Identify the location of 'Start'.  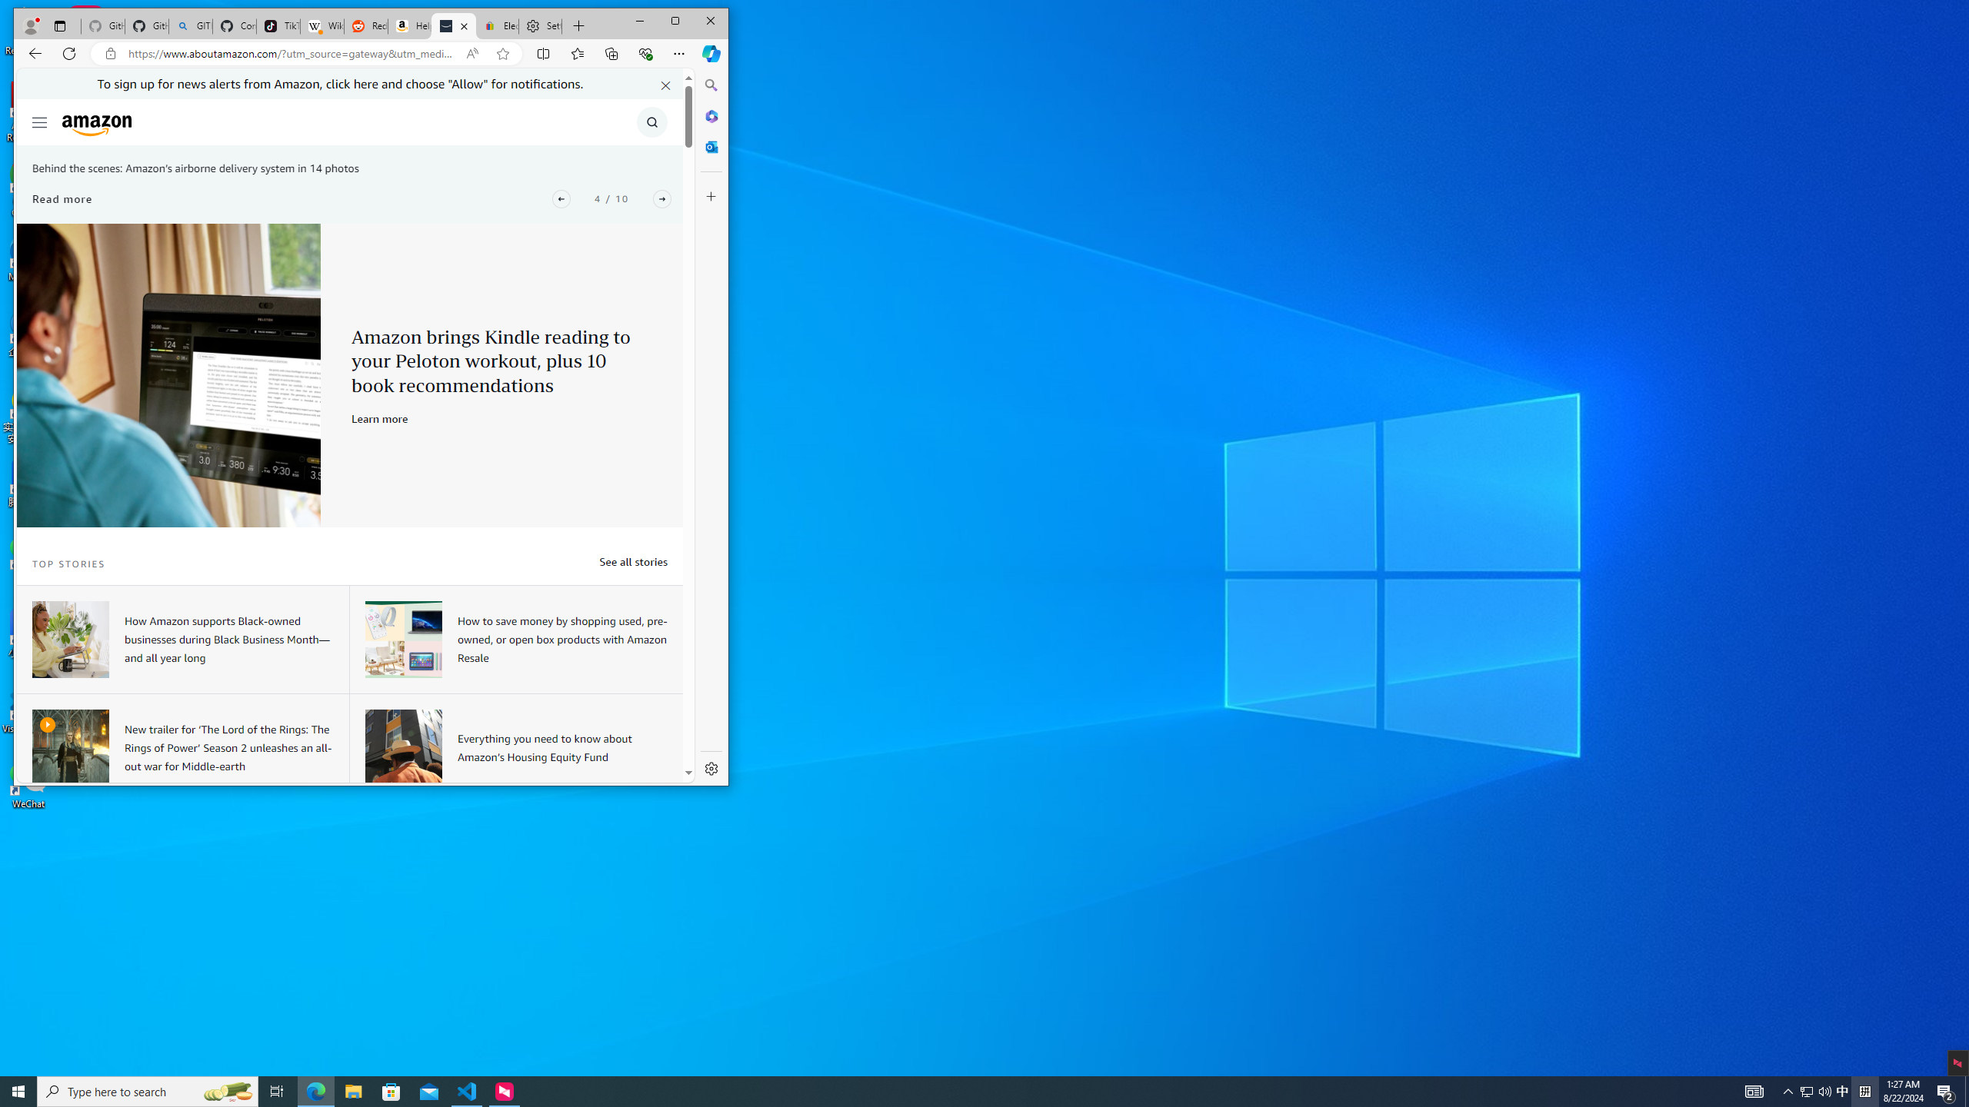
(18, 1090).